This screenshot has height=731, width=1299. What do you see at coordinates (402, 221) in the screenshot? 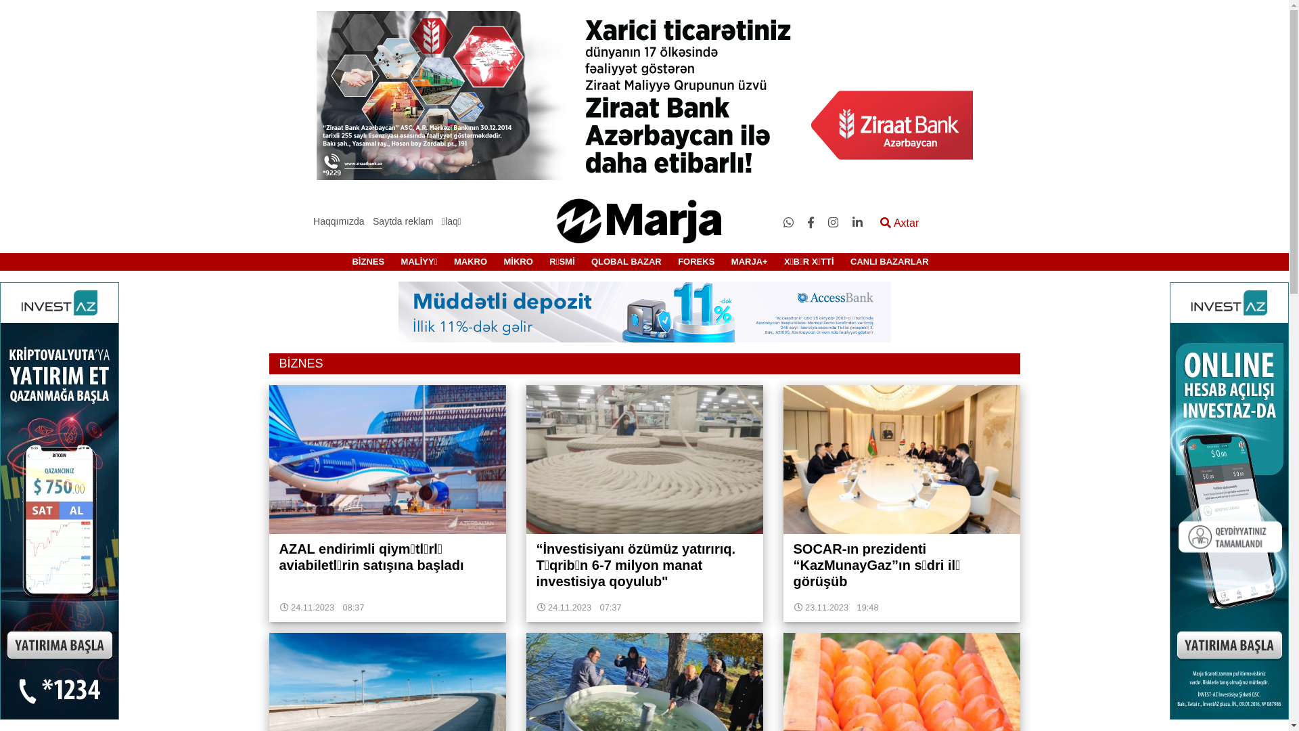
I see `'Saytda reklam'` at bounding box center [402, 221].